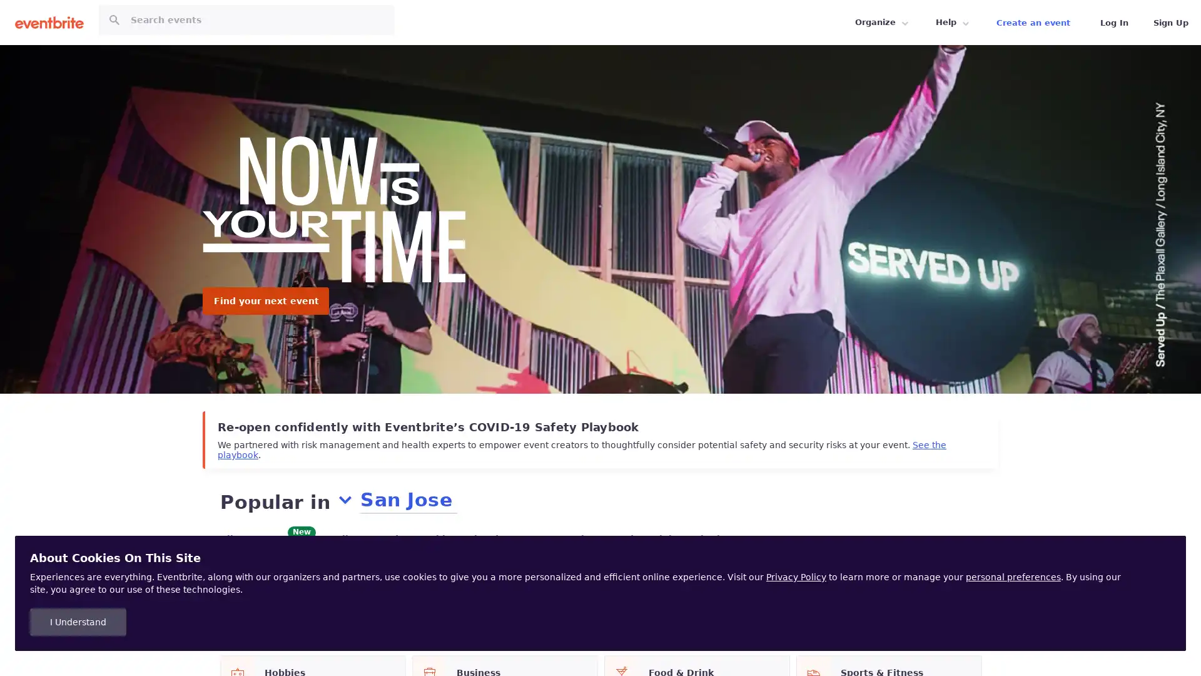 The image size is (1201, 676). I want to click on Food & Drink, so click(642, 538).